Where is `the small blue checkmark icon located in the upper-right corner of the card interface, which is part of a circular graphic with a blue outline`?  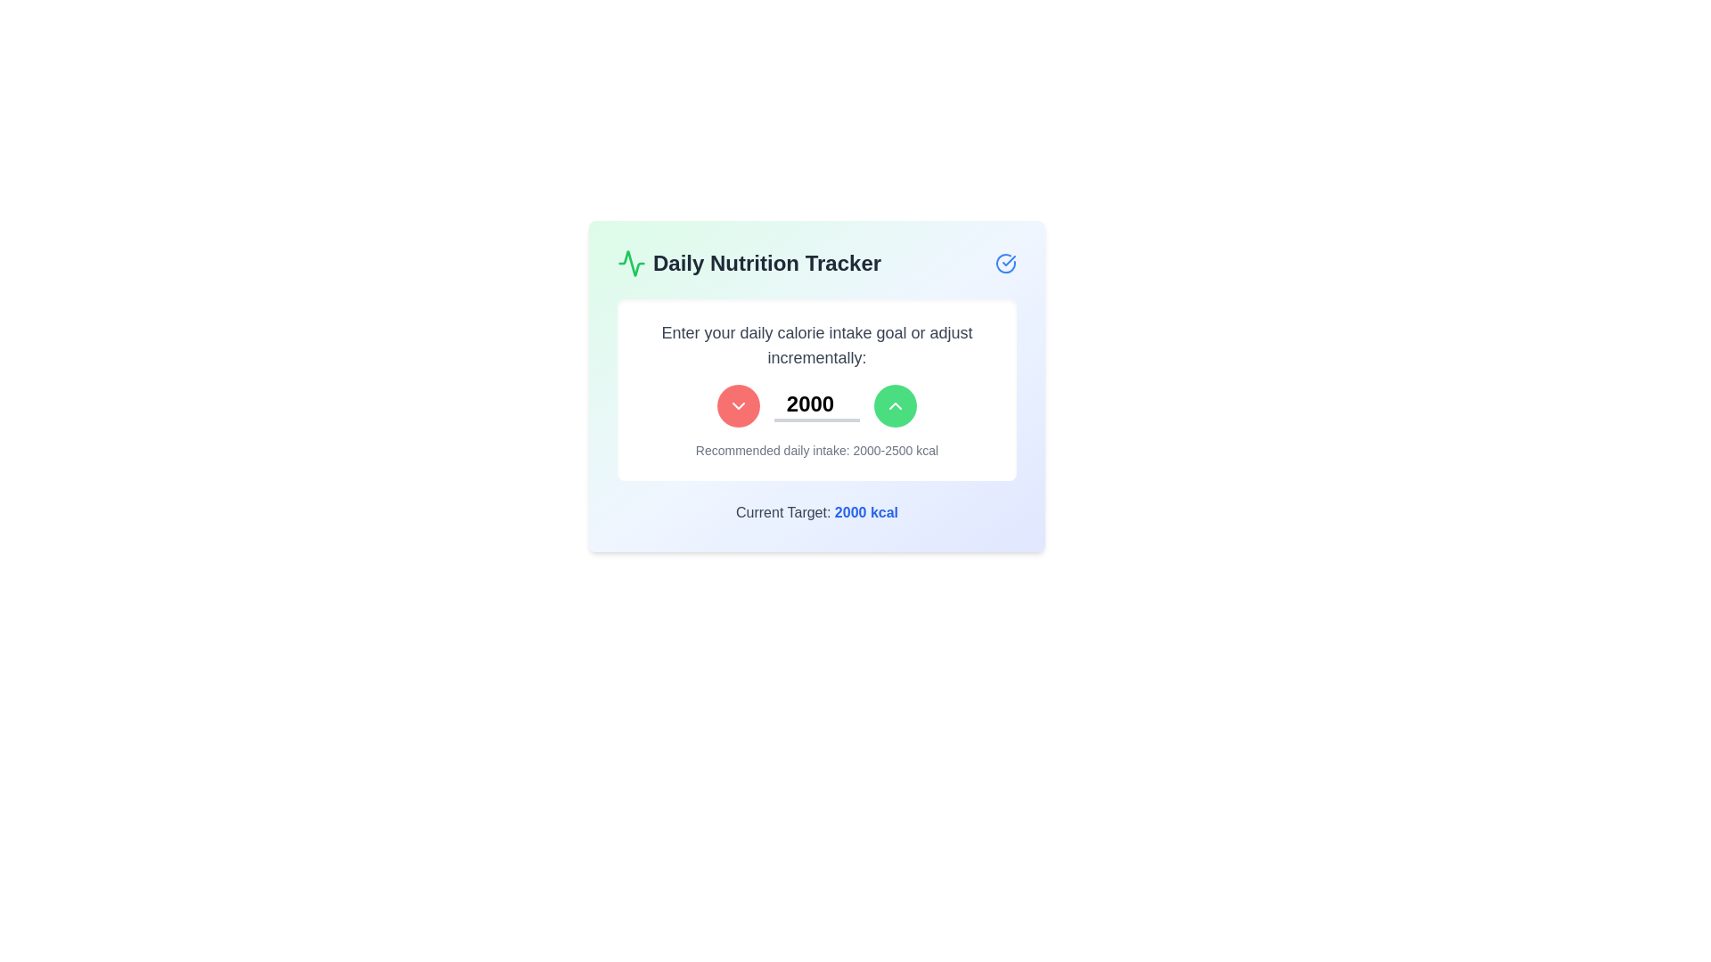 the small blue checkmark icon located in the upper-right corner of the card interface, which is part of a circular graphic with a blue outline is located at coordinates (1009, 261).